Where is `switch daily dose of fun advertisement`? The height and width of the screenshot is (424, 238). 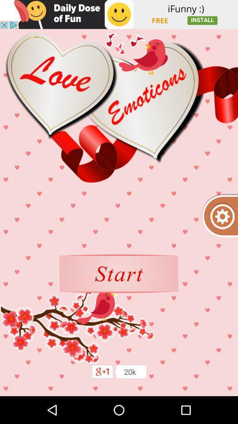
switch daily dose of fun advertisement is located at coordinates (119, 14).